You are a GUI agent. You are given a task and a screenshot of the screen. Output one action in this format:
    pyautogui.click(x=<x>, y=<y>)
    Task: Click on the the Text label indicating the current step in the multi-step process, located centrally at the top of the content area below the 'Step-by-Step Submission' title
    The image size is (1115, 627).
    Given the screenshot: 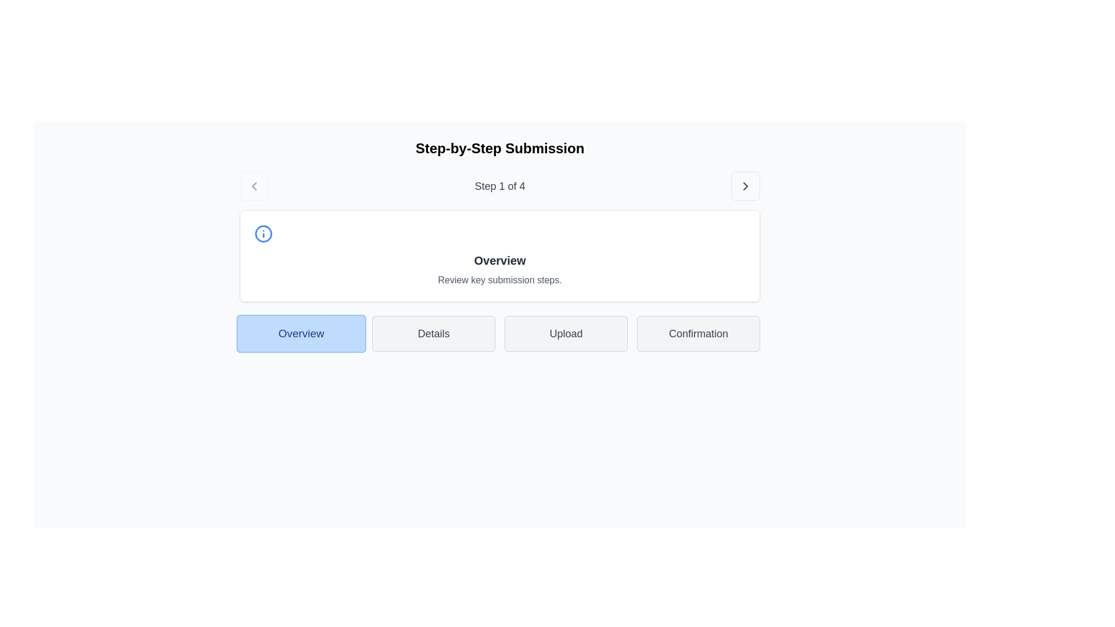 What is the action you would take?
    pyautogui.click(x=499, y=185)
    